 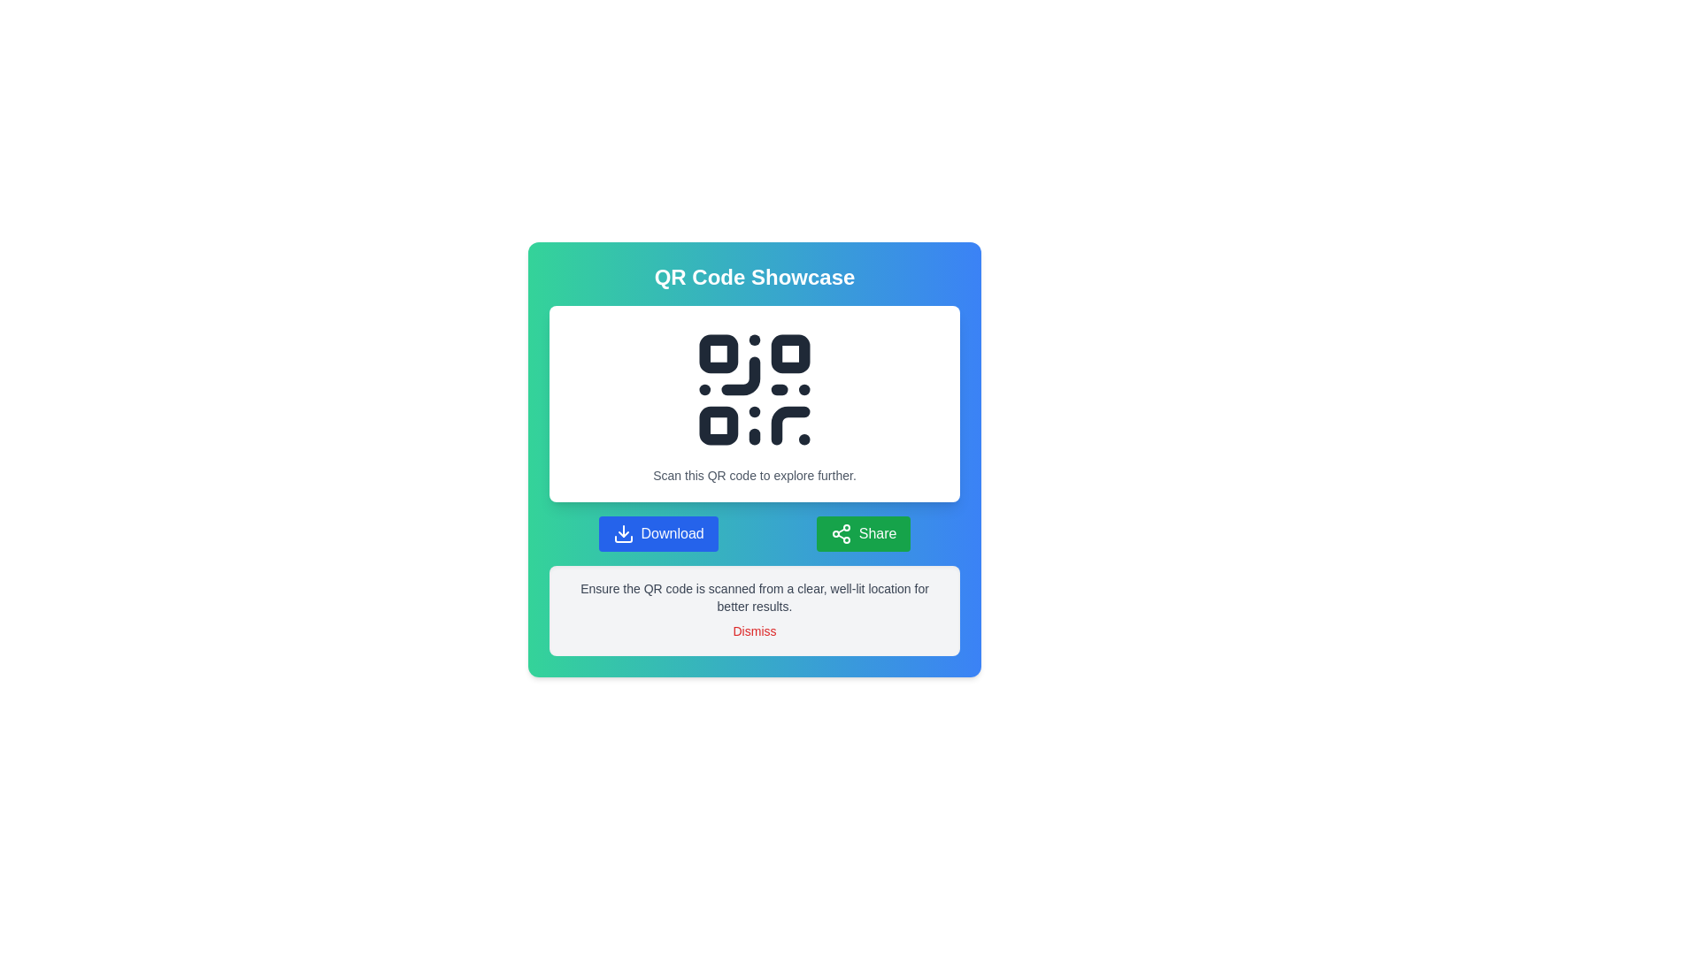 What do you see at coordinates (755, 597) in the screenshot?
I see `the instructional text label that provides guidelines for optimal QR code scanning, located above the 'Dismiss' button` at bounding box center [755, 597].